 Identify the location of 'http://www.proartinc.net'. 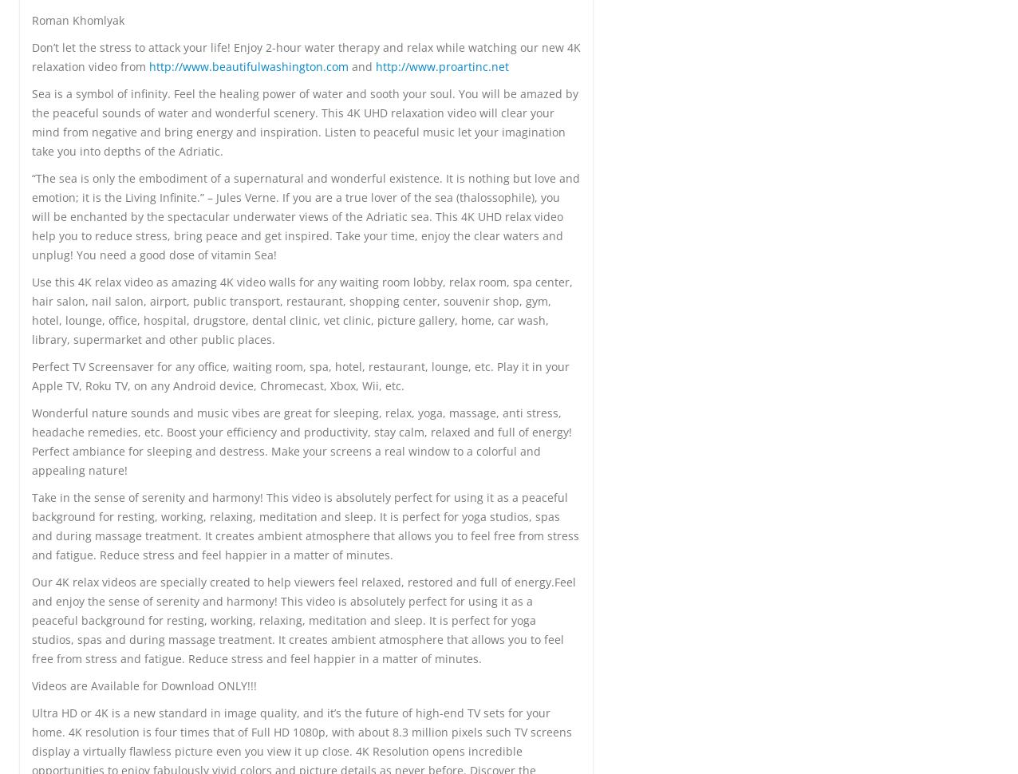
(442, 65).